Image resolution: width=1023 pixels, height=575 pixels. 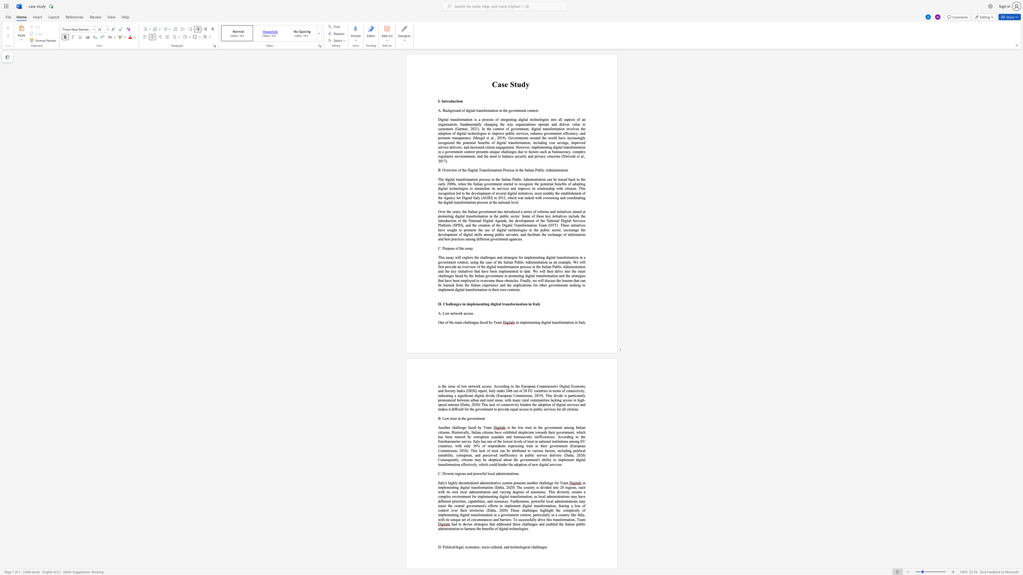 I want to click on the subset text "a cou" within the text "efforts to implement digital transformation, fearing a loss of control over their territories (Datta, 2020) These challenges highlight the complexity of implementing digital transformation in a government context, particularly in a country like Italy, with its unique set of circumstances and barriers. To successfully drive this transformation, Team", so click(x=555, y=515).